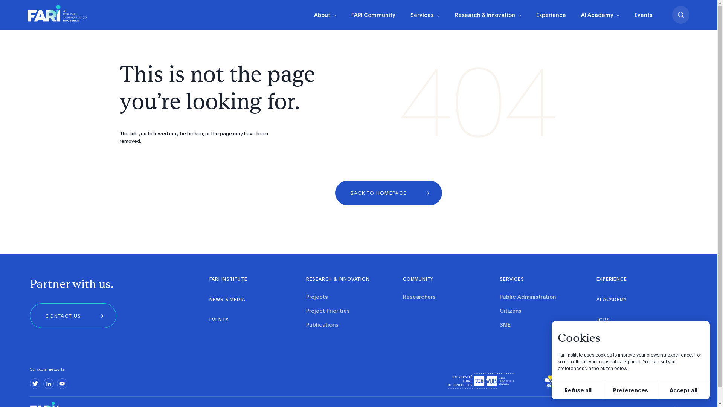 The height and width of the screenshot is (407, 723). Describe the element at coordinates (604, 390) in the screenshot. I see `'Preferences'` at that location.